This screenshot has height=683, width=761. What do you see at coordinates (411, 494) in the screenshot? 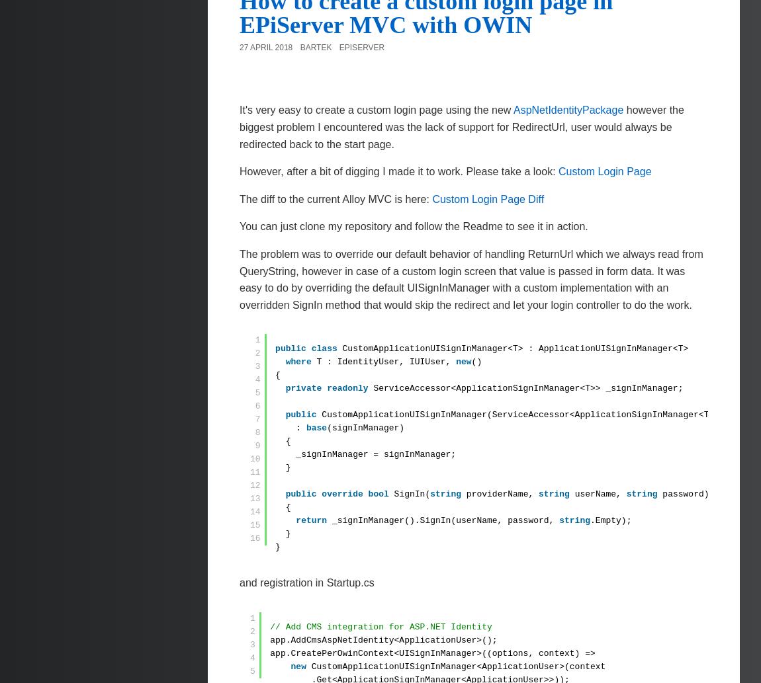
I see `'SignIn('` at bounding box center [411, 494].